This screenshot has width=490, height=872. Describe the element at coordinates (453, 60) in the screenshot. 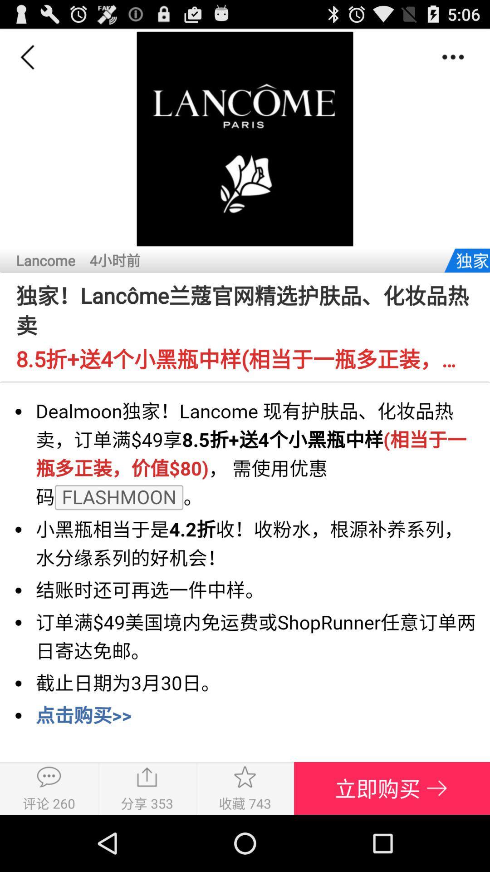

I see `the more icon` at that location.